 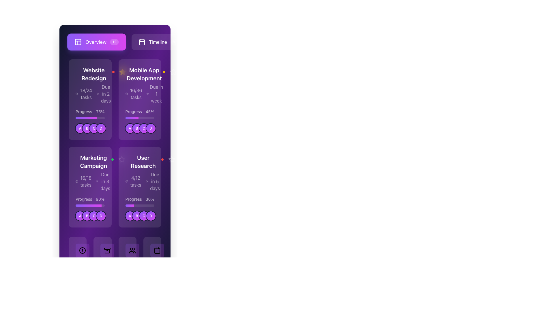 I want to click on the status indicator icon located in the bottom left corner of the row of icons in the lower section of the interface, so click(x=82, y=250).